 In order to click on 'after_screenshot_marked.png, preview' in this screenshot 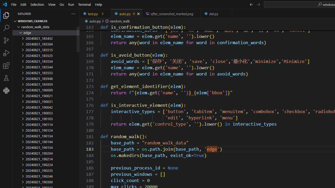, I will do `click(172, 13)`.